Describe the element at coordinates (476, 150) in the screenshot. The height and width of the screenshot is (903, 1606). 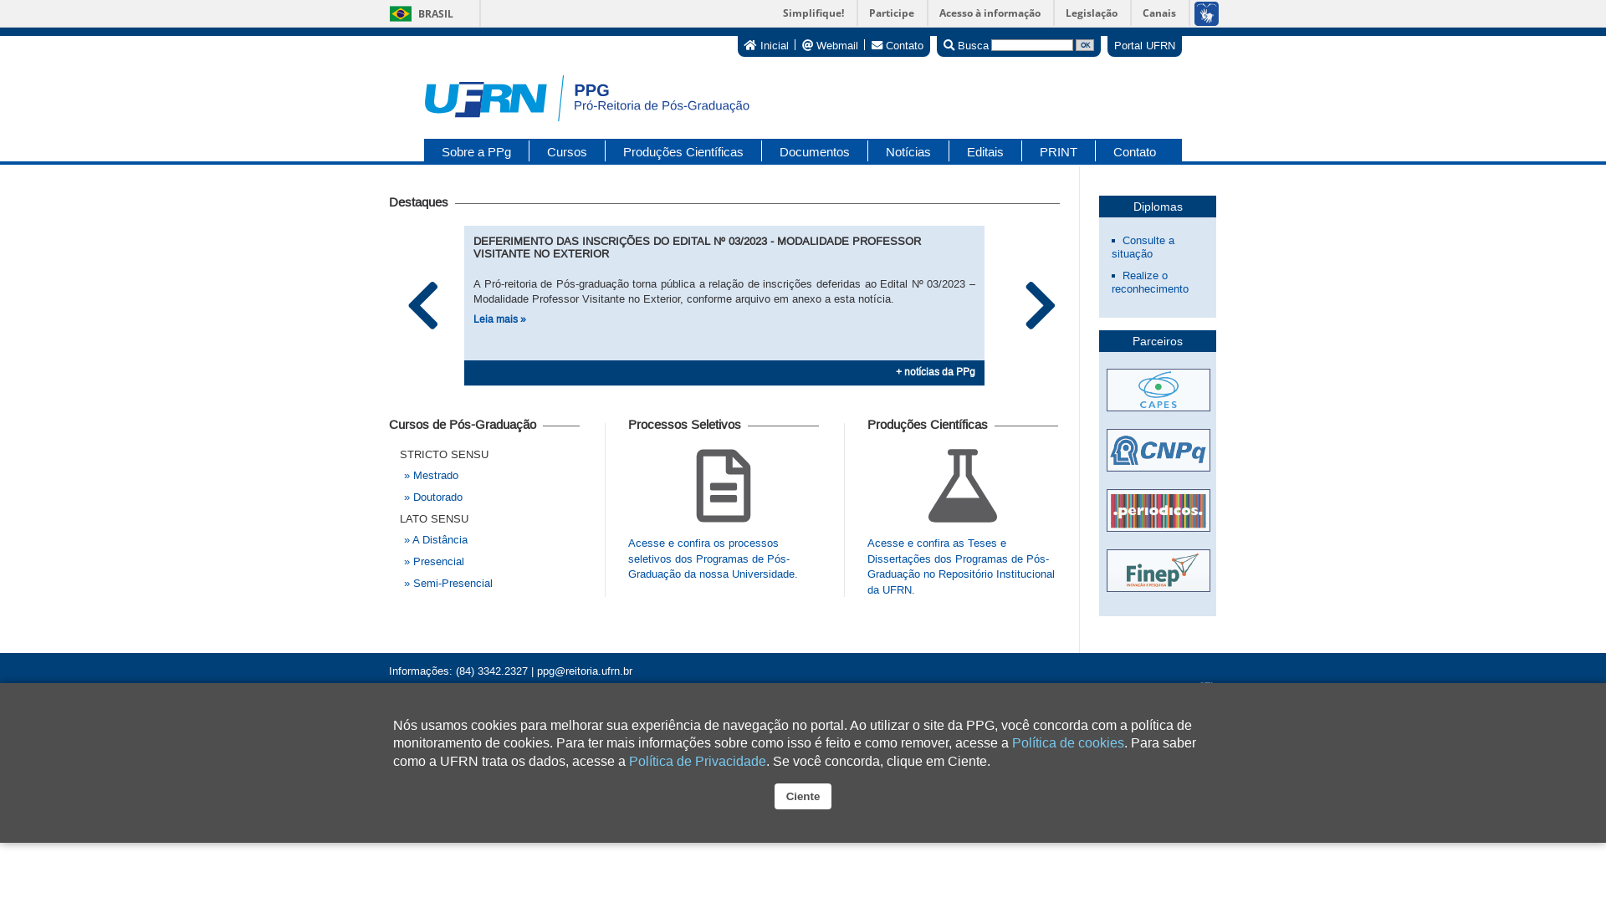
I see `'Sobre a PPg'` at that location.